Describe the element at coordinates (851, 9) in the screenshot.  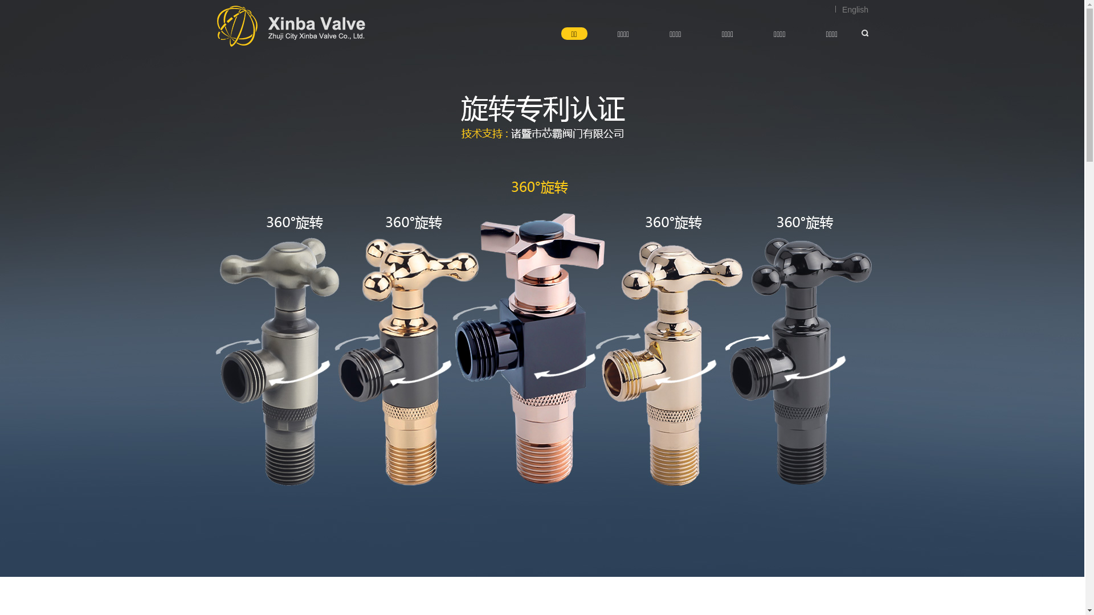
I see `'English'` at that location.